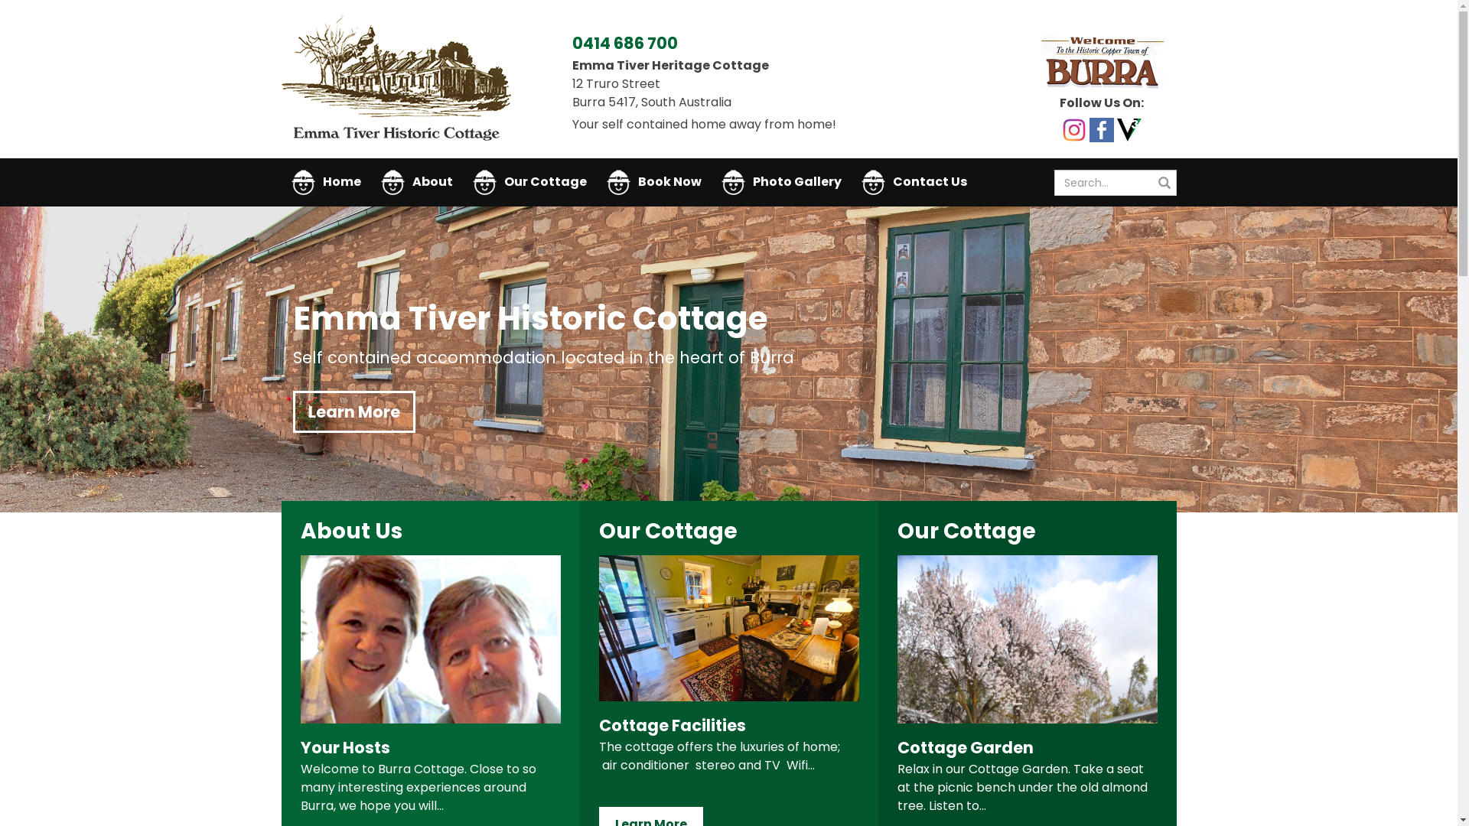 The width and height of the screenshot is (1469, 826). Describe the element at coordinates (914, 181) in the screenshot. I see `'Contact Us'` at that location.